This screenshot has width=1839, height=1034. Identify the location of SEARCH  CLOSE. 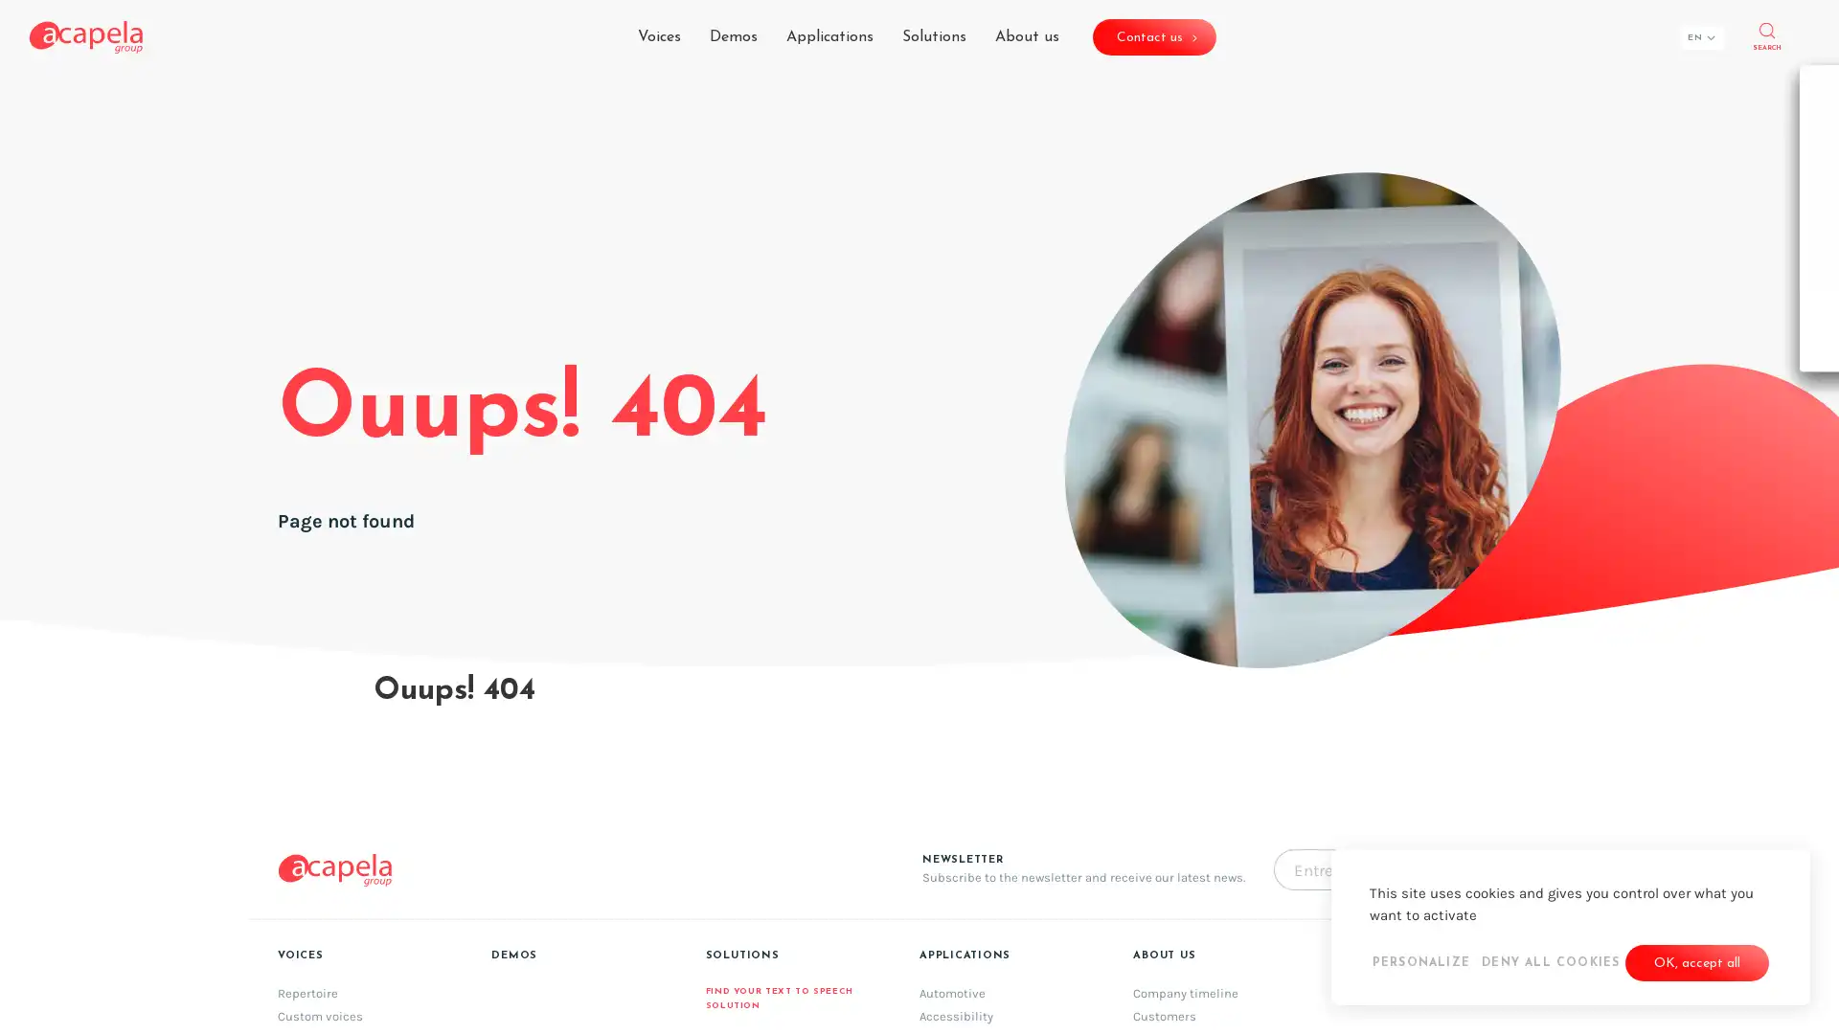
(1765, 36).